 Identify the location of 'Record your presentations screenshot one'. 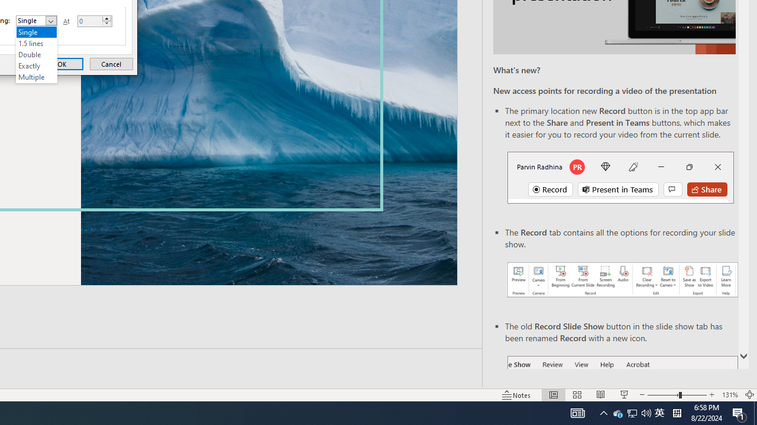
(622, 280).